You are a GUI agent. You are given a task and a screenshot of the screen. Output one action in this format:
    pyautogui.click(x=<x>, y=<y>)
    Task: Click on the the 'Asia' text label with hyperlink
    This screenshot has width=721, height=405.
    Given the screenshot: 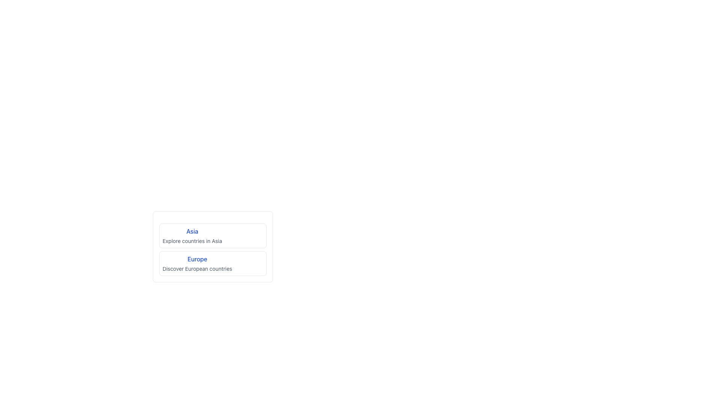 What is the action you would take?
    pyautogui.click(x=192, y=235)
    